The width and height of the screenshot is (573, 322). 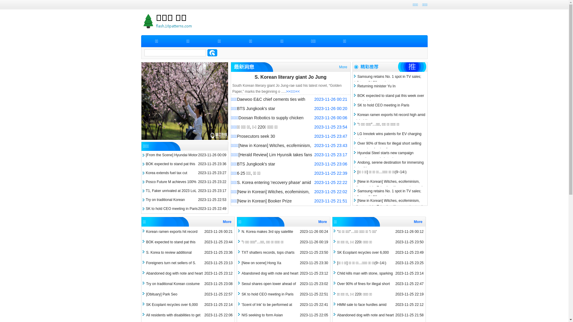 I want to click on 'Abandoned dog with note and heart sparks anger', so click(x=173, y=277).